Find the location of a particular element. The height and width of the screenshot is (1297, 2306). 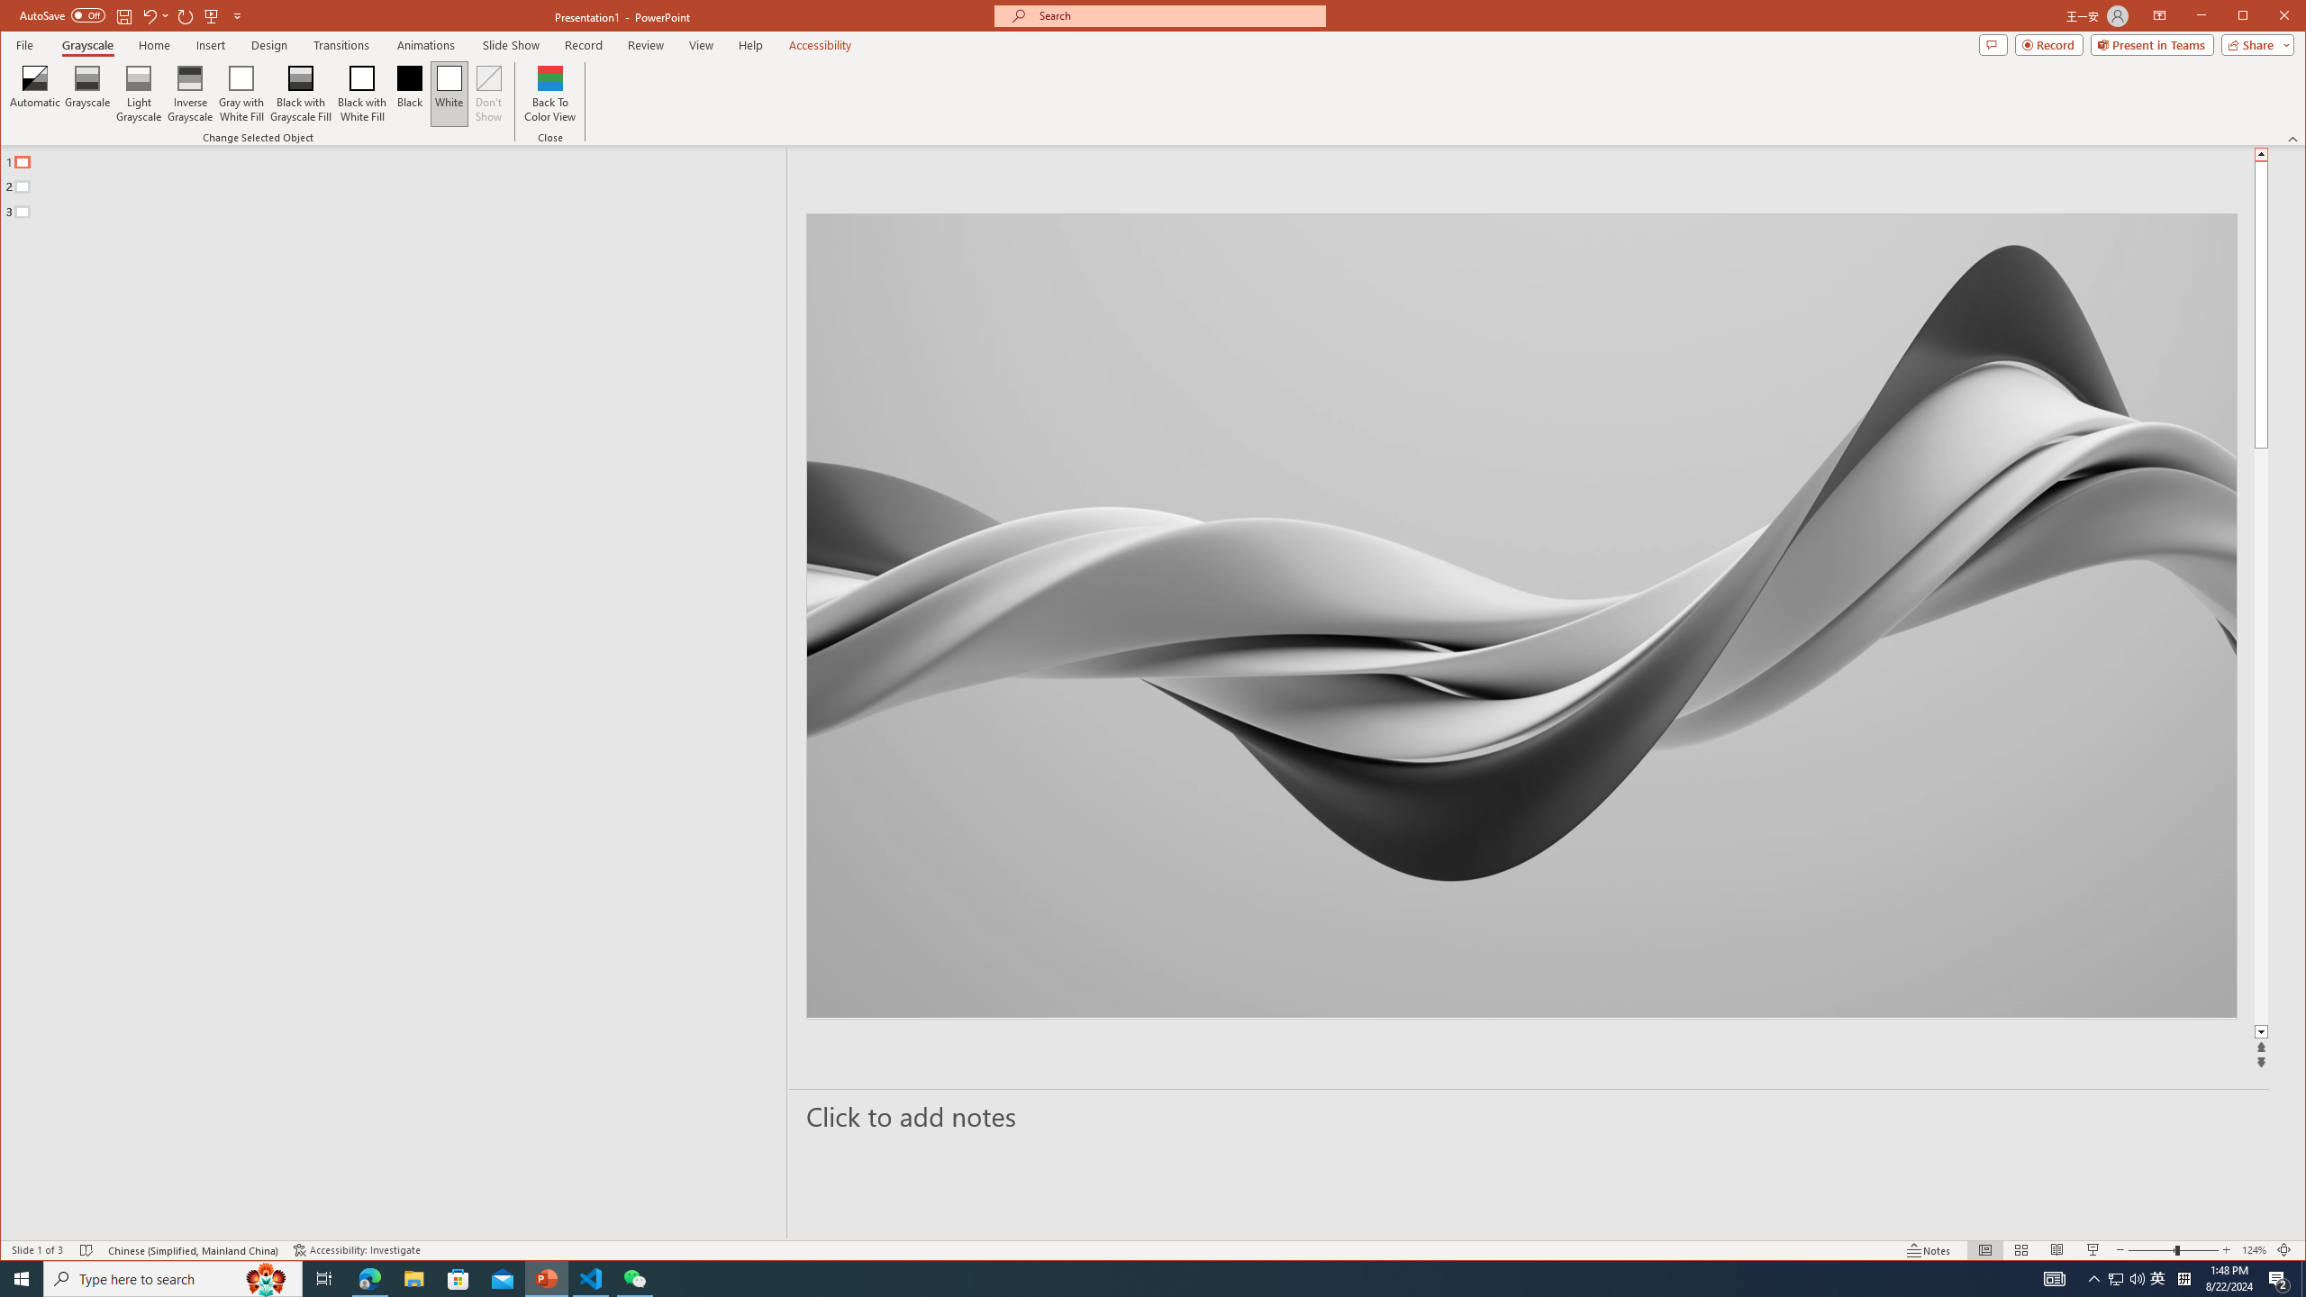

'Zoom Out' is located at coordinates (2151, 1249).